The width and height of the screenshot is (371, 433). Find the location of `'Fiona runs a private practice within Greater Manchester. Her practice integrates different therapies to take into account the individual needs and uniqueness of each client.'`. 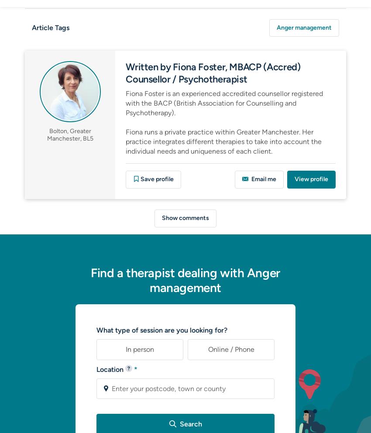

'Fiona runs a private practice within Greater Manchester. Her practice integrates different therapies to take into account the individual needs and uniqueness of each client.' is located at coordinates (223, 141).